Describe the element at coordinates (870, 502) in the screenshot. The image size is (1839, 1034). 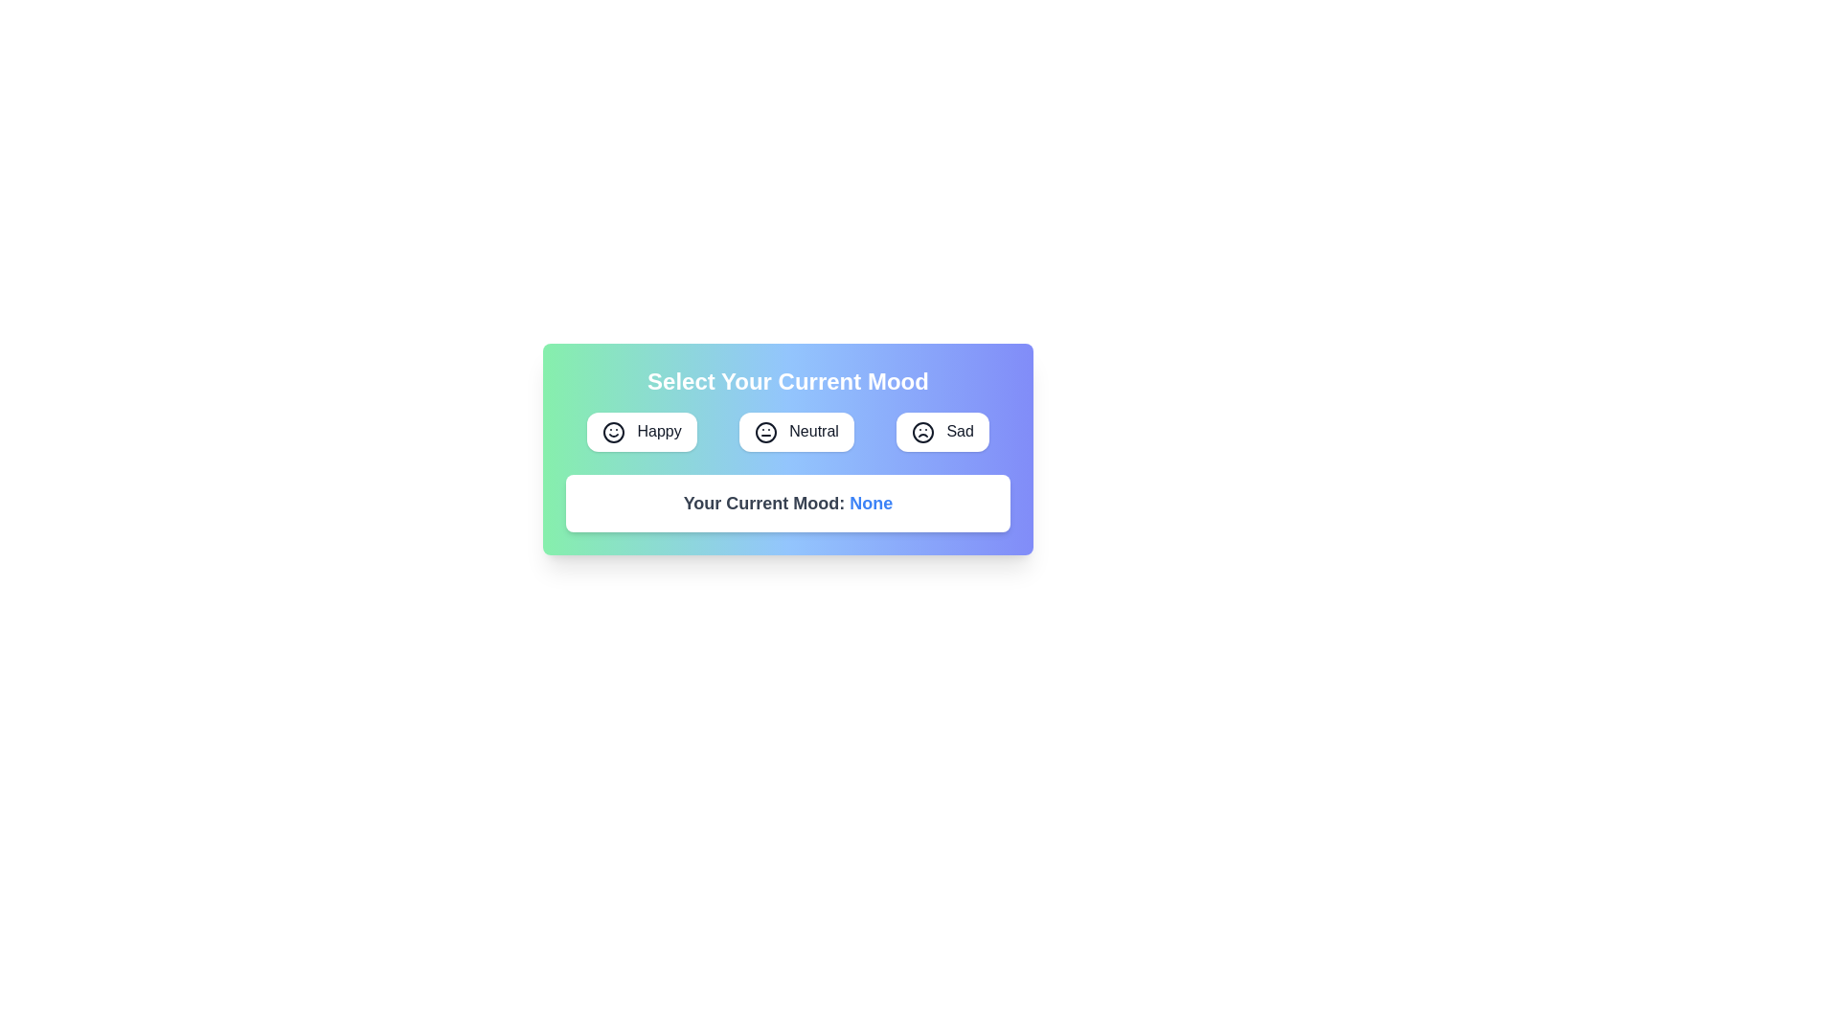
I see `the static text label displaying 'None' which indicates the current mood, located within the statement 'Your Current Mood:' and styled with a blue font color` at that location.